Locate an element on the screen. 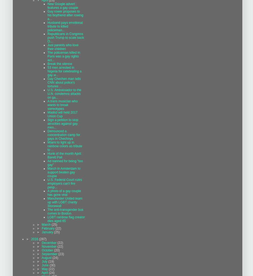 Image resolution: width=253 pixels, height=276 pixels. 'Gay Chechen man tells CNN about police's tortures ...' is located at coordinates (64, 82).